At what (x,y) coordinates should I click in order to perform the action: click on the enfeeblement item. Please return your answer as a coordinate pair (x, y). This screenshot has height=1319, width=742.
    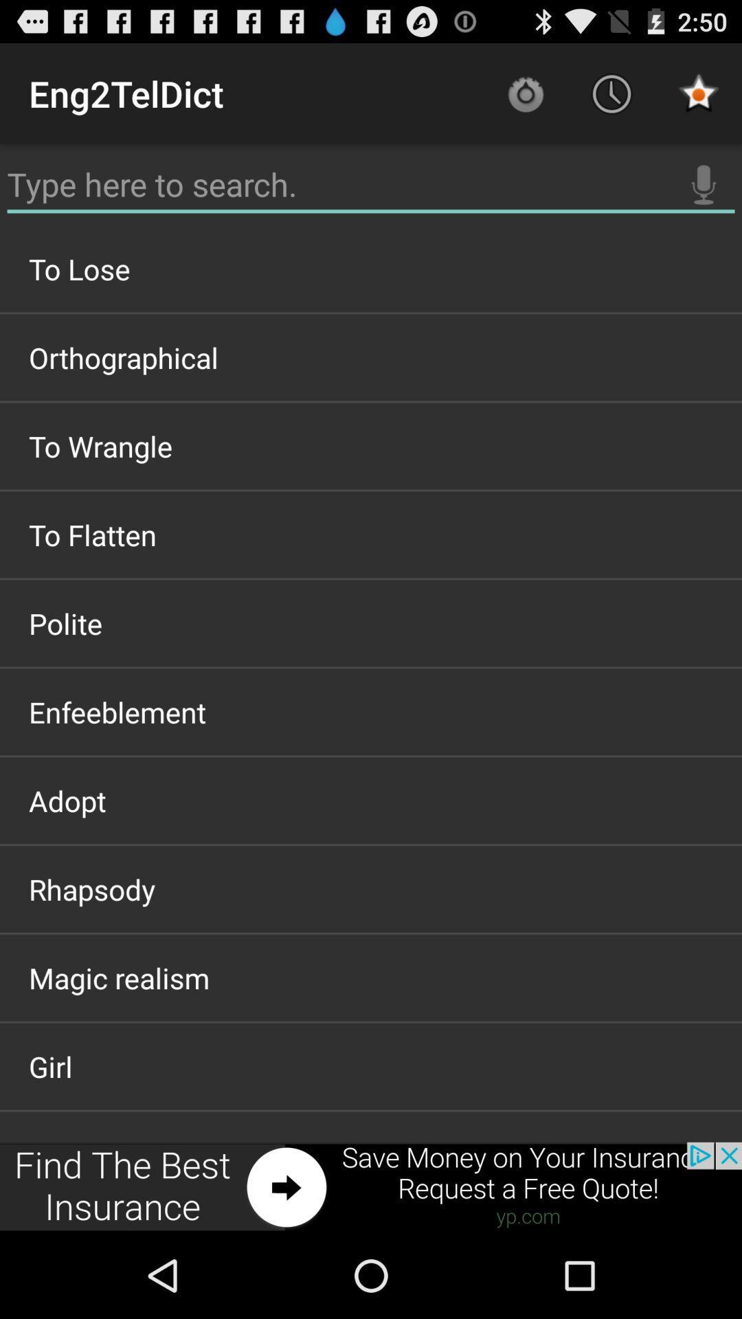
    Looking at the image, I should click on (371, 712).